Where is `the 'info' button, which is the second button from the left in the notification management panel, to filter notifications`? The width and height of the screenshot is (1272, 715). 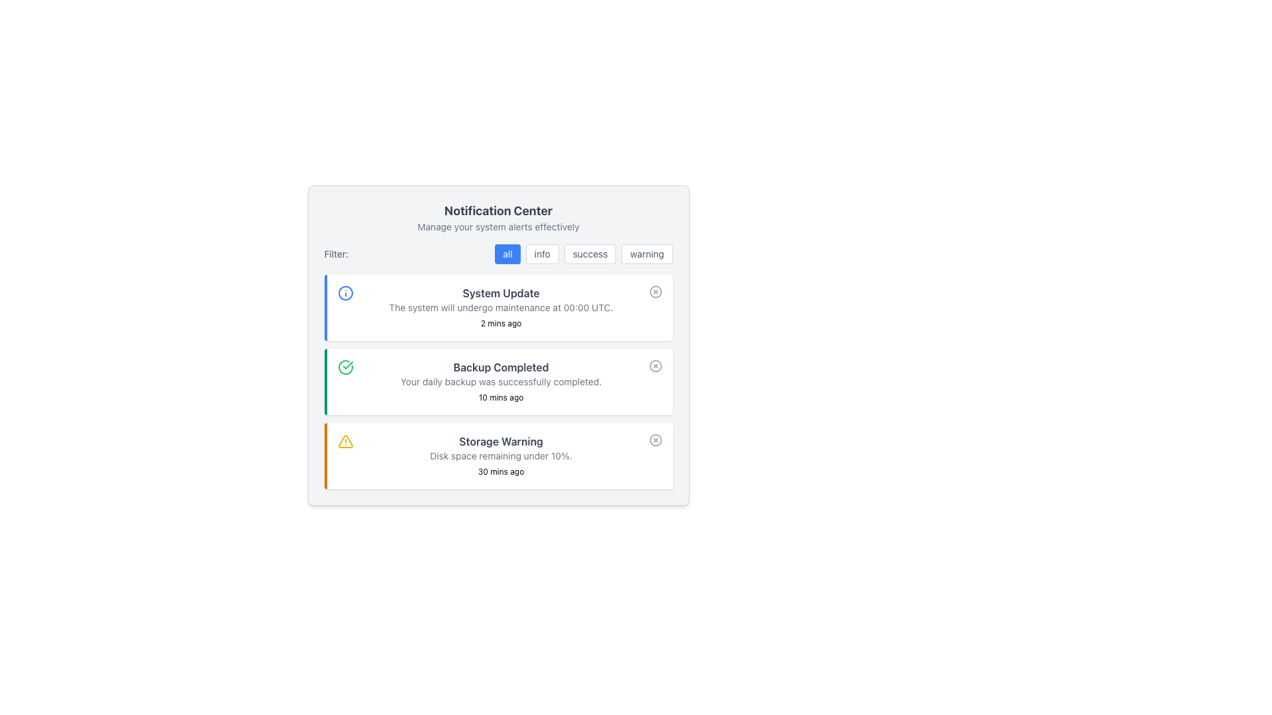 the 'info' button, which is the second button from the left in the notification management panel, to filter notifications is located at coordinates (542, 254).